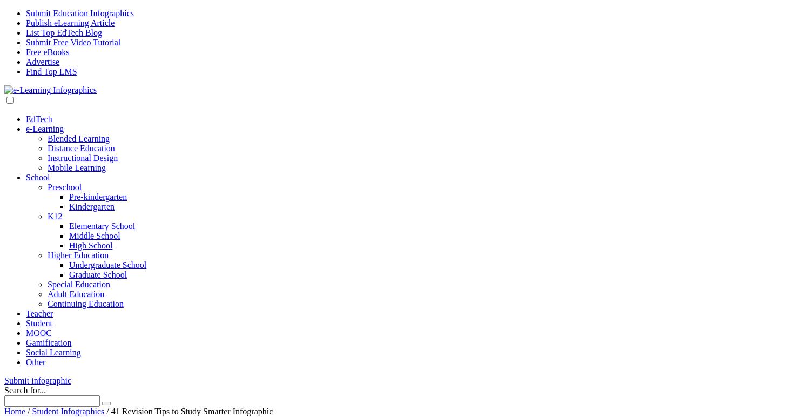  What do you see at coordinates (49, 342) in the screenshot?
I see `'Gamification'` at bounding box center [49, 342].